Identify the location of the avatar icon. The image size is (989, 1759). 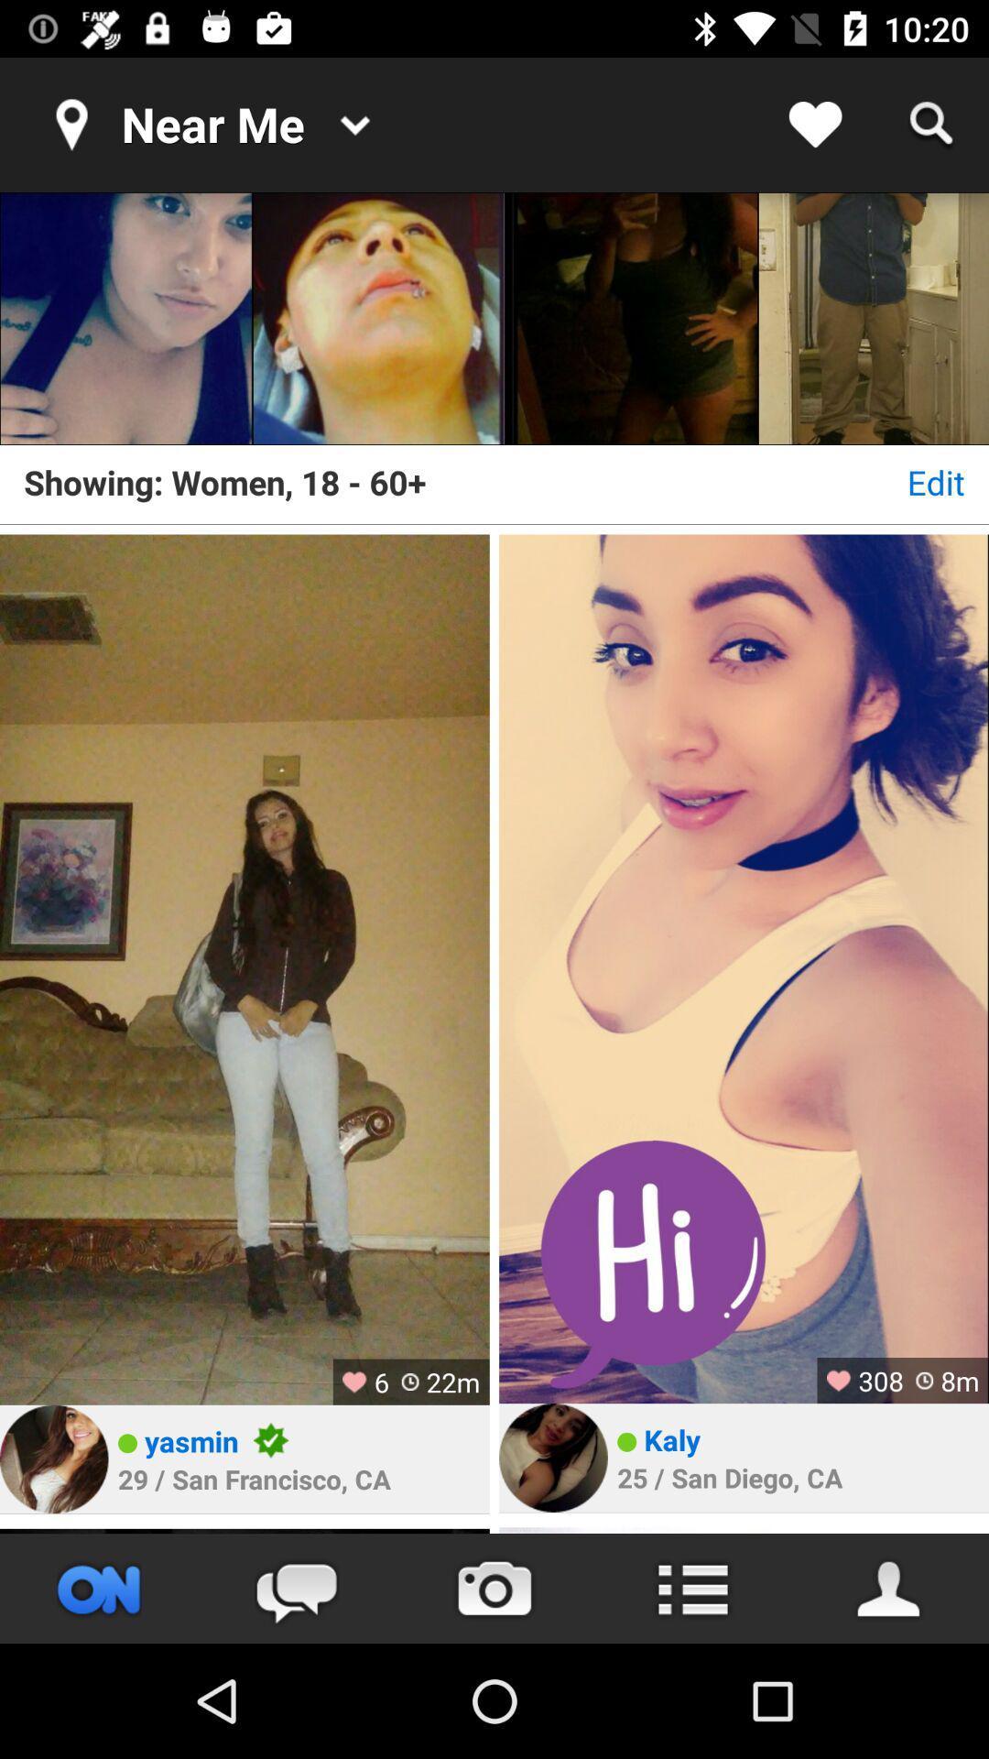
(889, 1588).